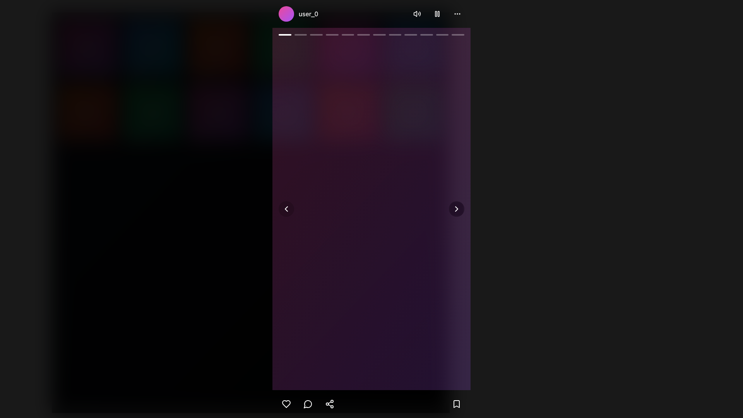 The height and width of the screenshot is (418, 743). I want to click on the pause button located in the top row of the interface, positioned between the sound control icon and the ellipsis menu, so click(437, 14).